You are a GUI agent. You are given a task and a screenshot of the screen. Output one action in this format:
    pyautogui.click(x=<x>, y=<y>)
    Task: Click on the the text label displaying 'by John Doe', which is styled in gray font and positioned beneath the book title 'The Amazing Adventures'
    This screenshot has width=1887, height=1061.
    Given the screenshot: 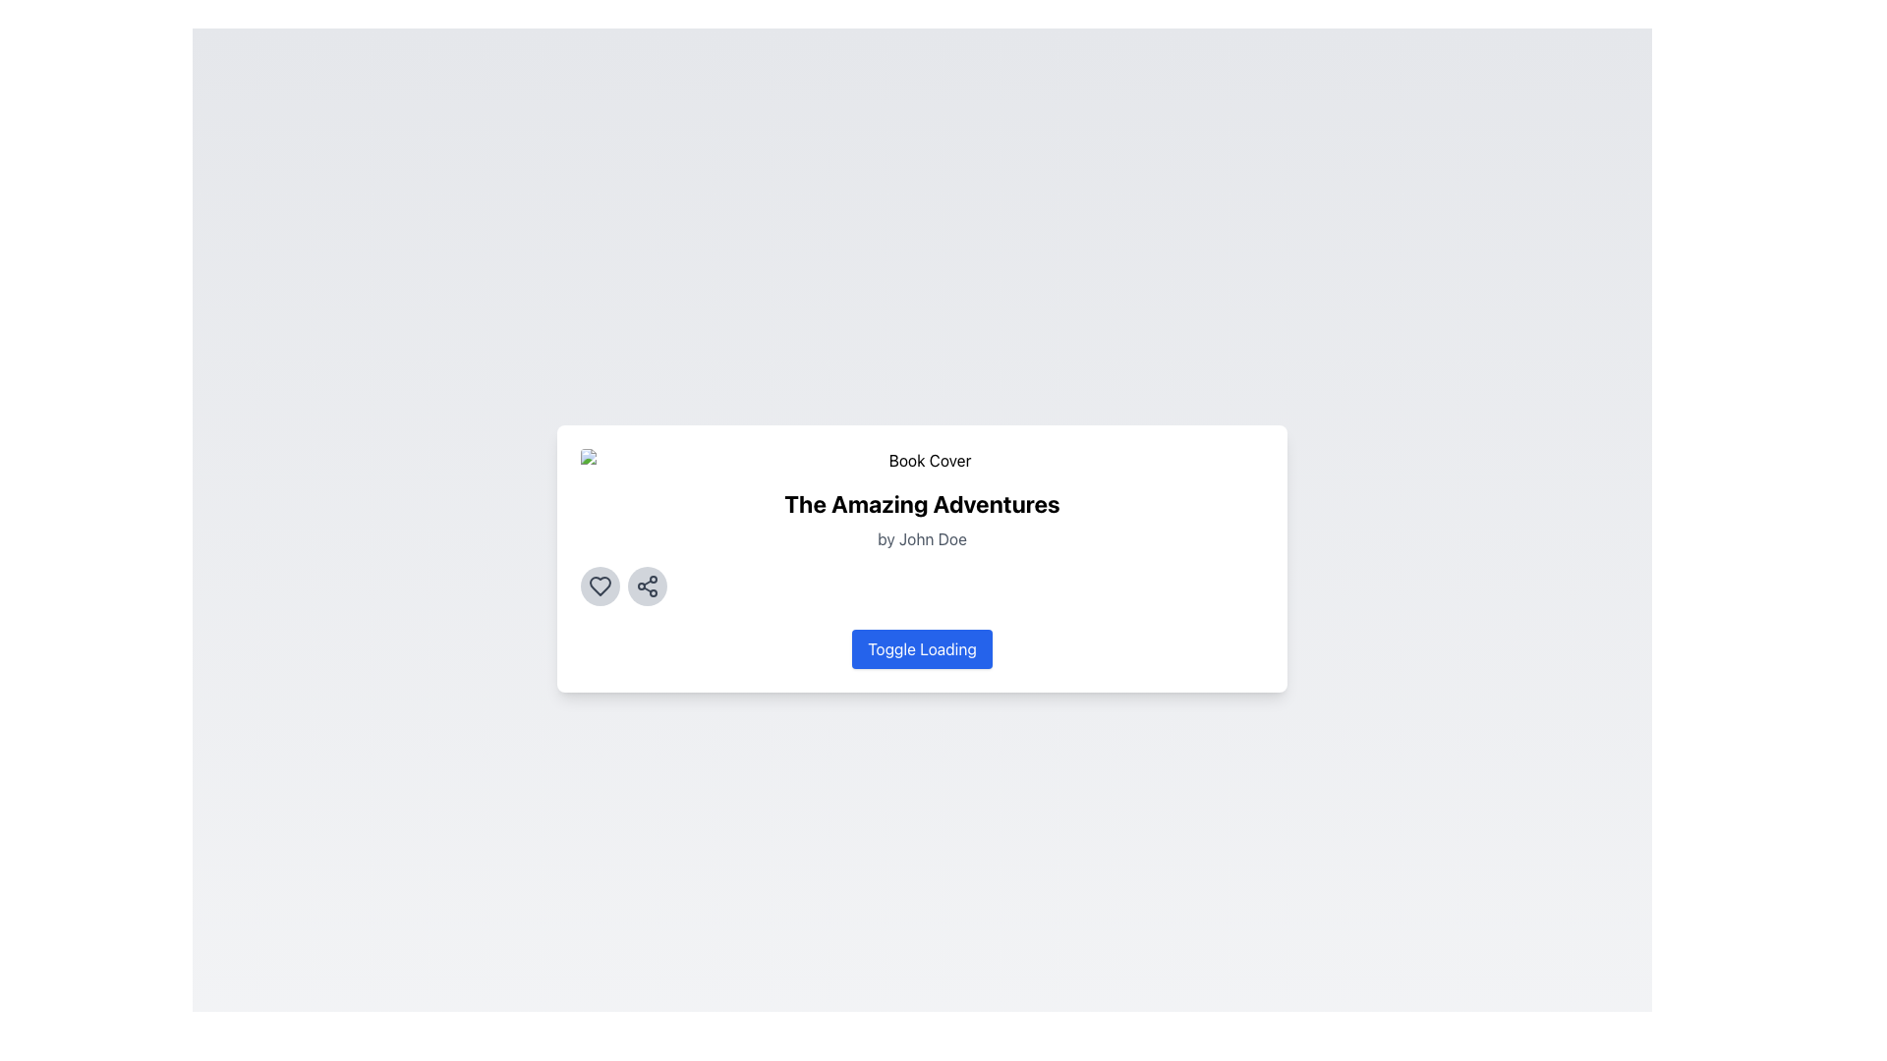 What is the action you would take?
    pyautogui.click(x=921, y=538)
    